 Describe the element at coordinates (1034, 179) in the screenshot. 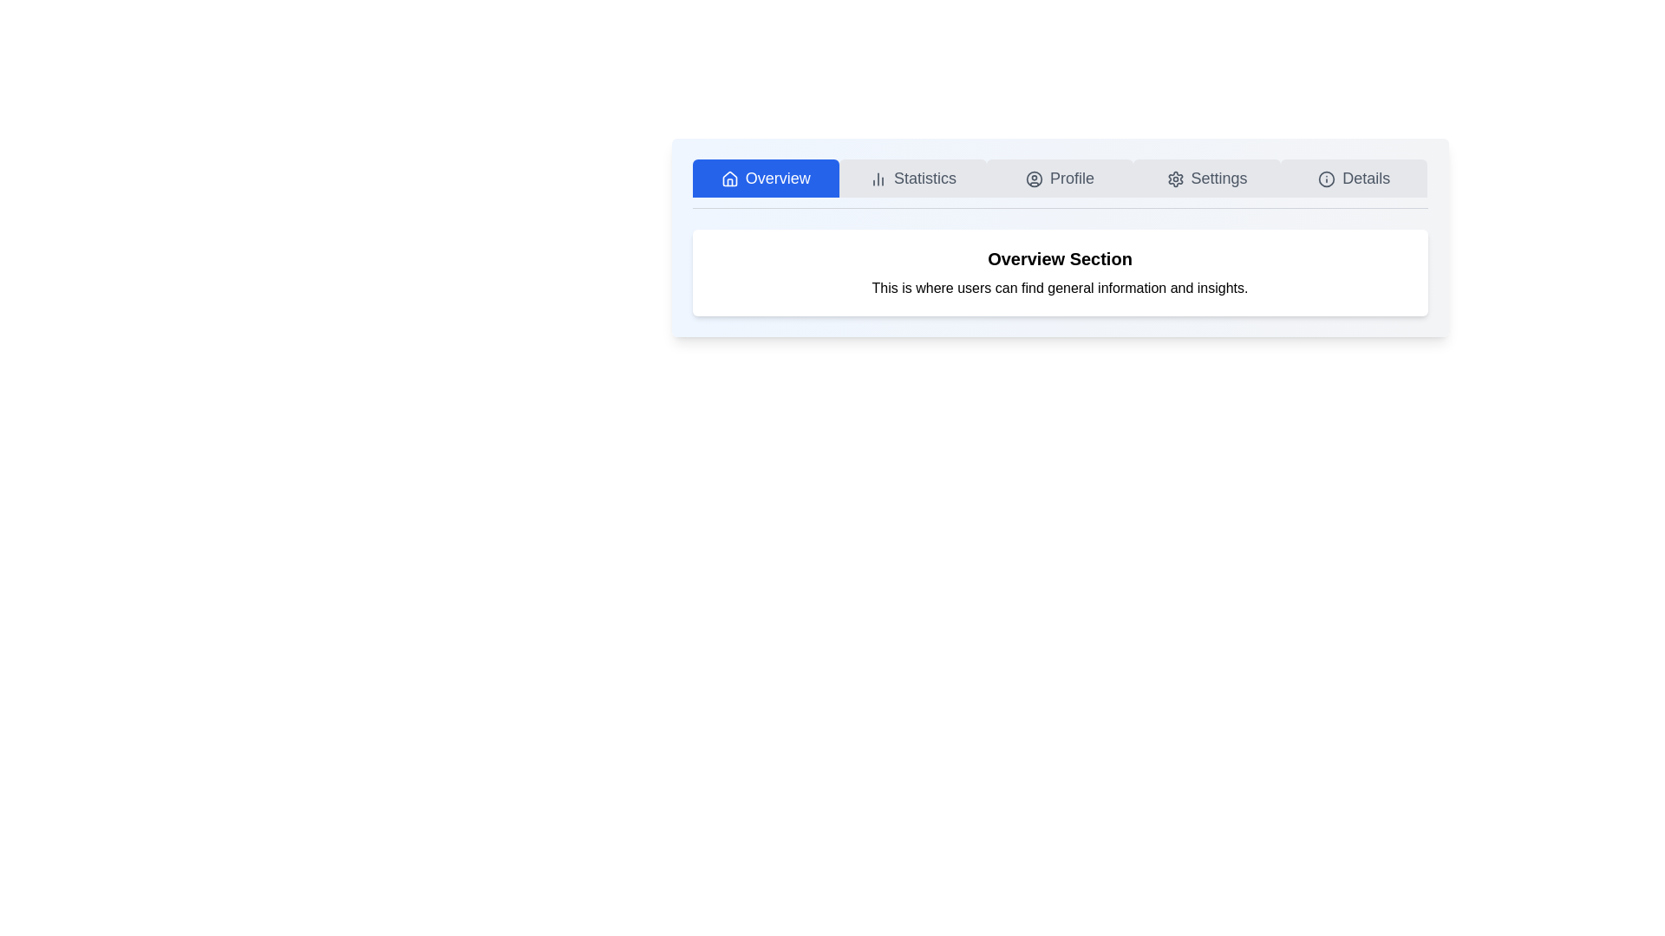

I see `the user or profile-related icon in the middle section of the navigation bar, located to the left of the 'Profile' text` at that location.